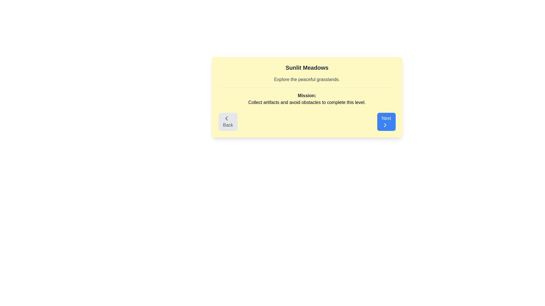 Image resolution: width=545 pixels, height=306 pixels. I want to click on the Next button to navigate between levels, so click(386, 121).